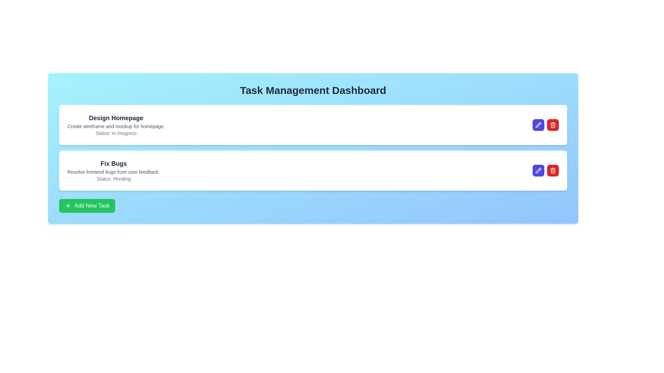 The image size is (664, 373). Describe the element at coordinates (552, 125) in the screenshot. I see `the delete button located to the right of the blue edit button in the task item control group` at that location.